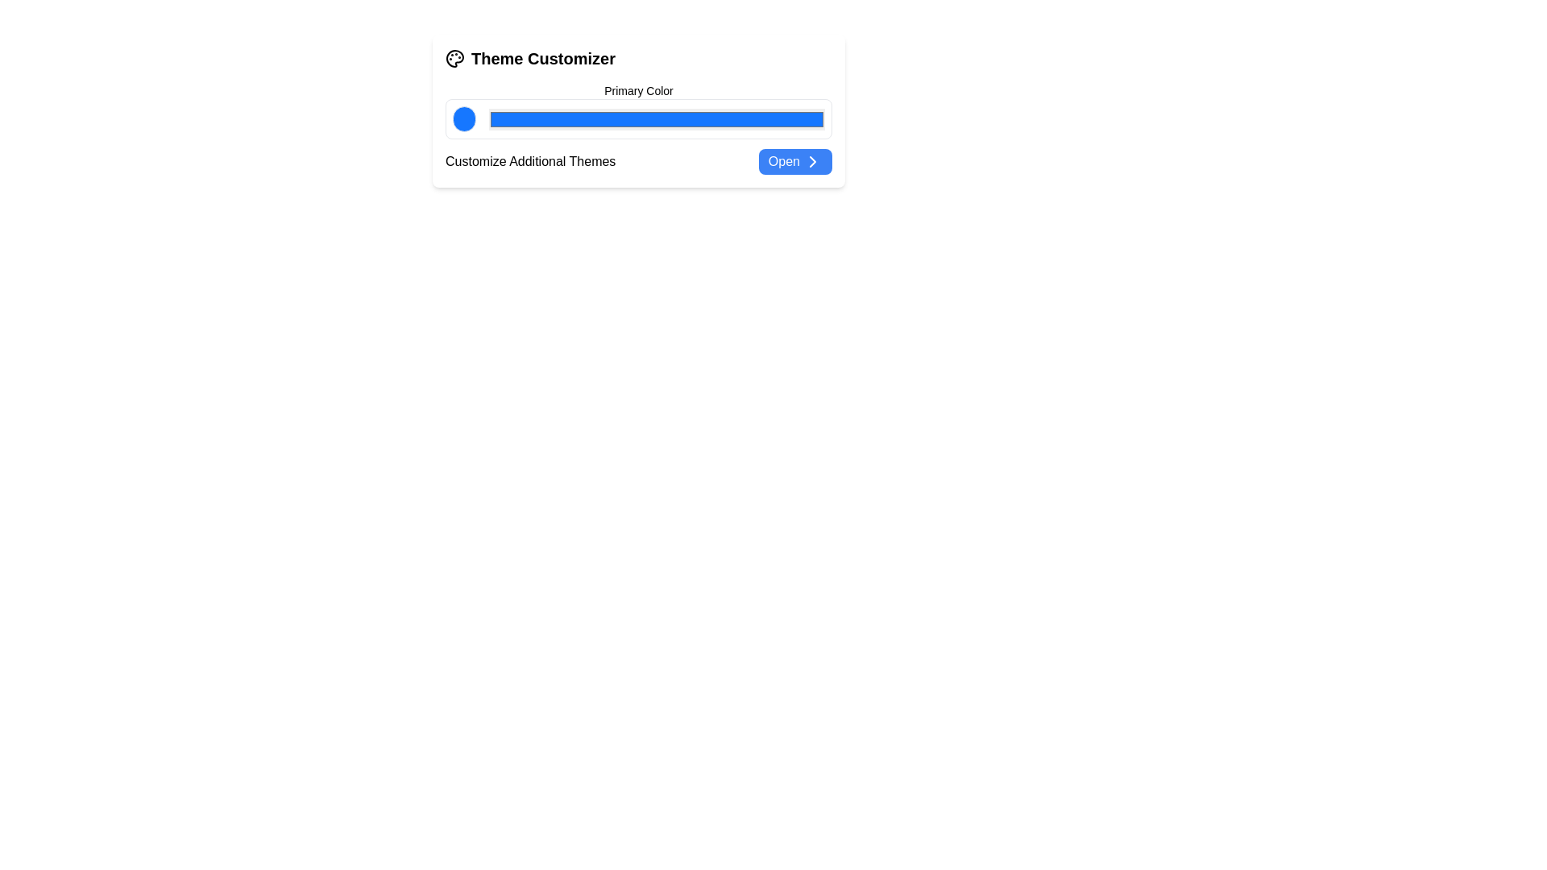  What do you see at coordinates (657, 118) in the screenshot?
I see `the horizontal blue color input field` at bounding box center [657, 118].